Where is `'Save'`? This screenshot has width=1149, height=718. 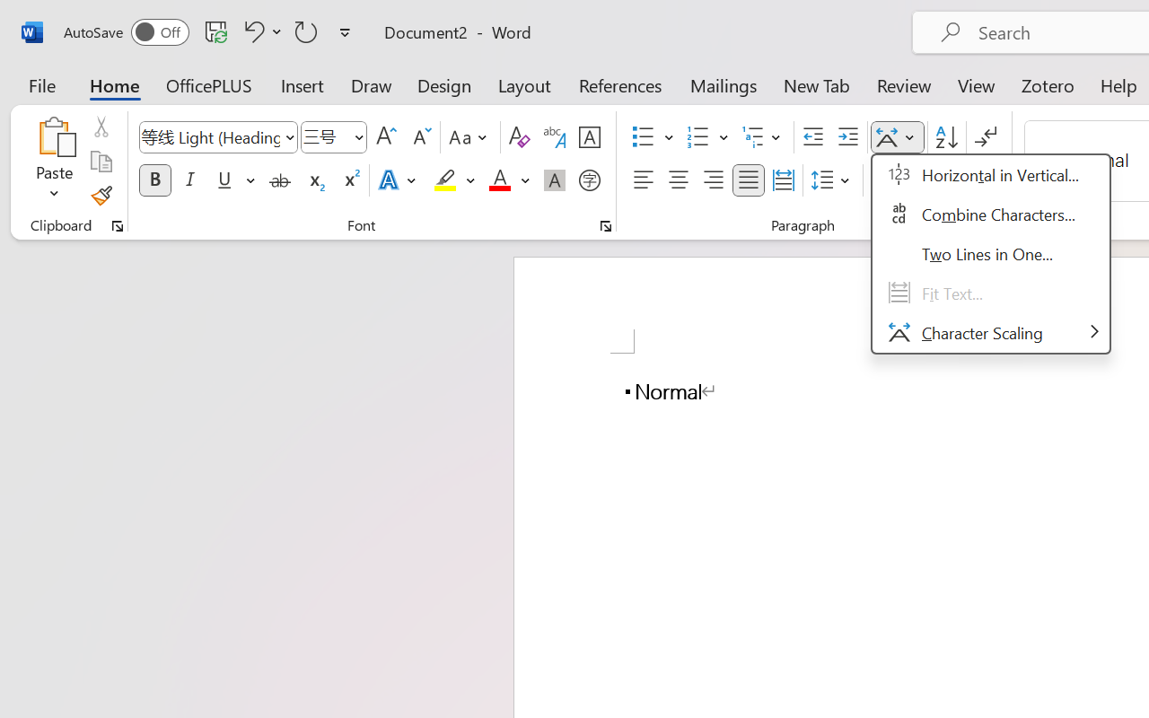 'Save' is located at coordinates (215, 31).